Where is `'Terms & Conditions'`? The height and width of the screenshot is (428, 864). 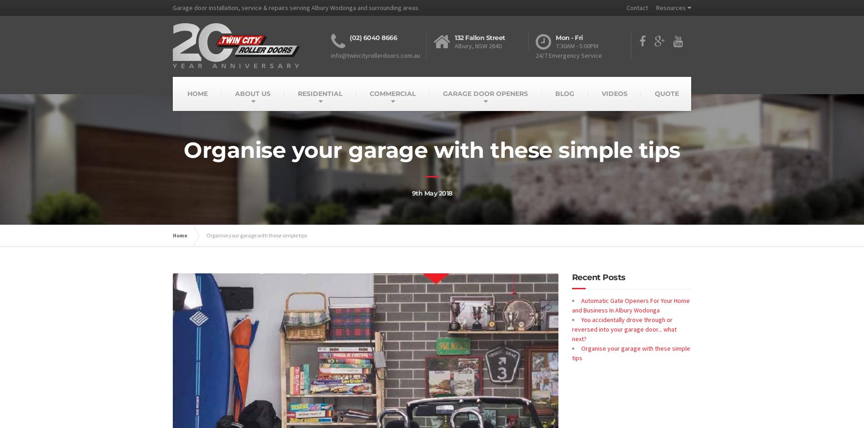
'Terms & Conditions' is located at coordinates (682, 36).